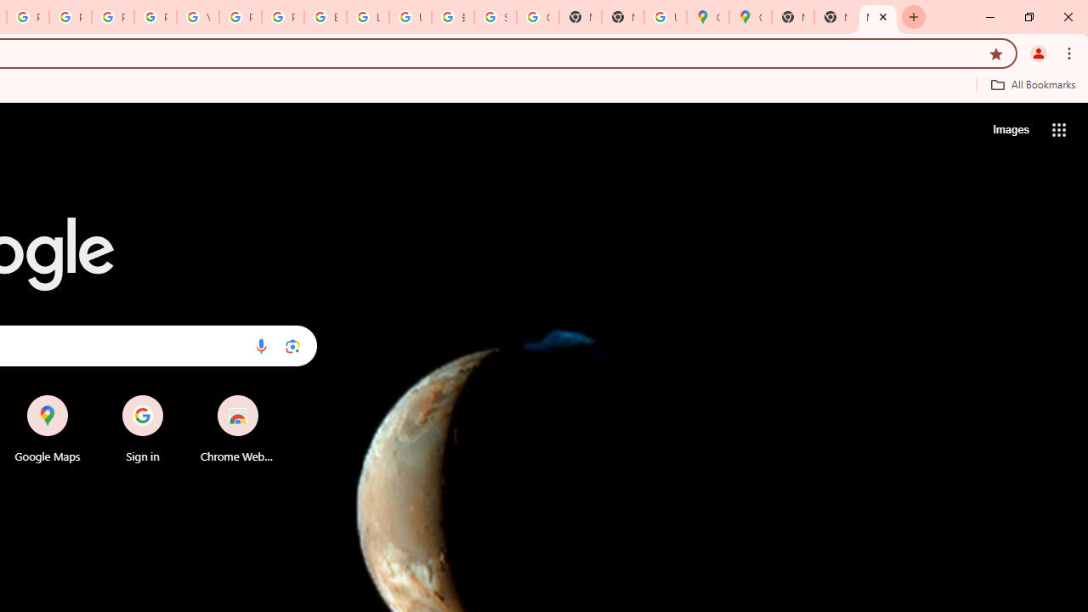 The height and width of the screenshot is (612, 1088). What do you see at coordinates (326, 17) in the screenshot?
I see `'Browse Chrome as a guest - Computer - Google Chrome Help'` at bounding box center [326, 17].